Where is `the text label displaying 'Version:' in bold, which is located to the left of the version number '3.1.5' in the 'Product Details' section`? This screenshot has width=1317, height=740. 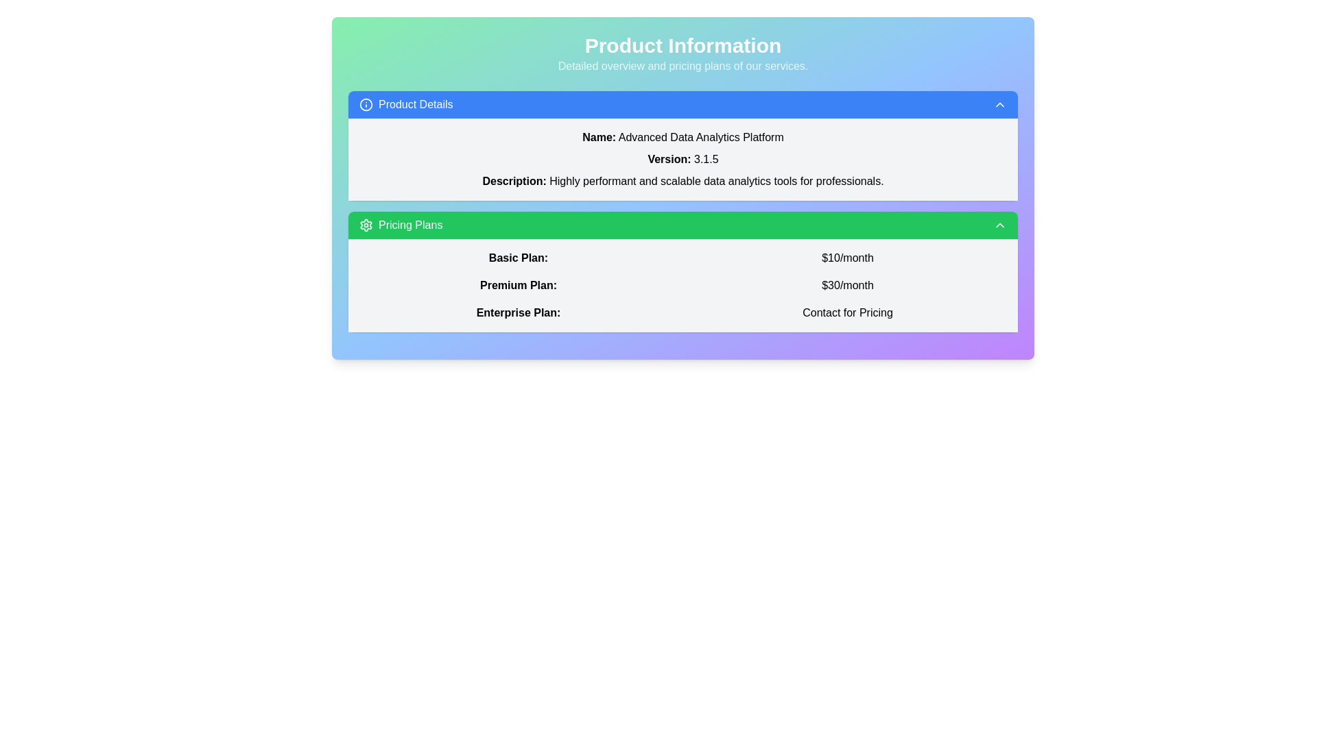
the text label displaying 'Version:' in bold, which is located to the left of the version number '3.1.5' in the 'Product Details' section is located at coordinates (669, 158).